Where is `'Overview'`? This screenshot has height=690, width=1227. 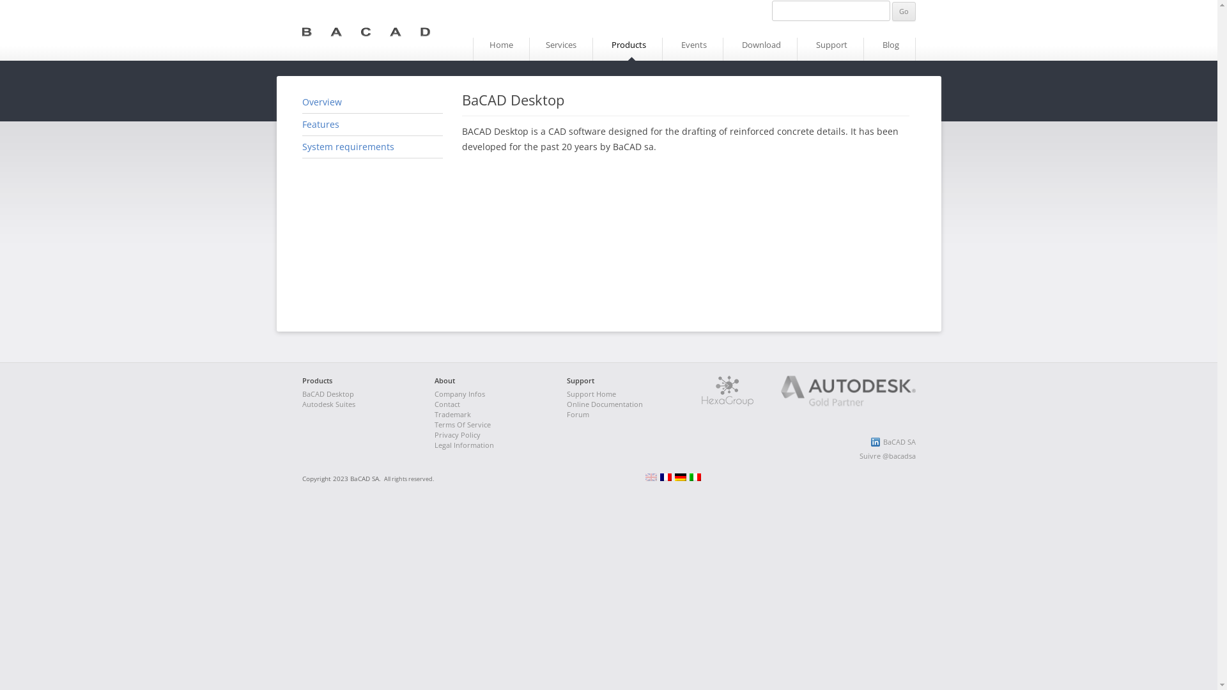 'Overview' is located at coordinates (321, 101).